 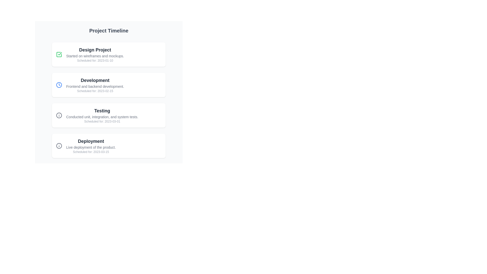 I want to click on the leftmost icon in the 'Deployment' card entry of the 'Project Timeline' list, so click(x=59, y=146).